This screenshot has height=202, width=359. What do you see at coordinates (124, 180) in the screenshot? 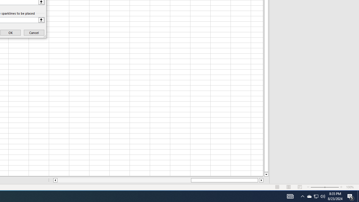
I see `'Page left'` at bounding box center [124, 180].